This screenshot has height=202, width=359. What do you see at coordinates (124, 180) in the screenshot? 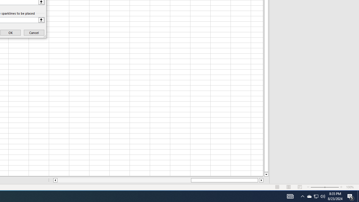
I see `'Page left'` at bounding box center [124, 180].